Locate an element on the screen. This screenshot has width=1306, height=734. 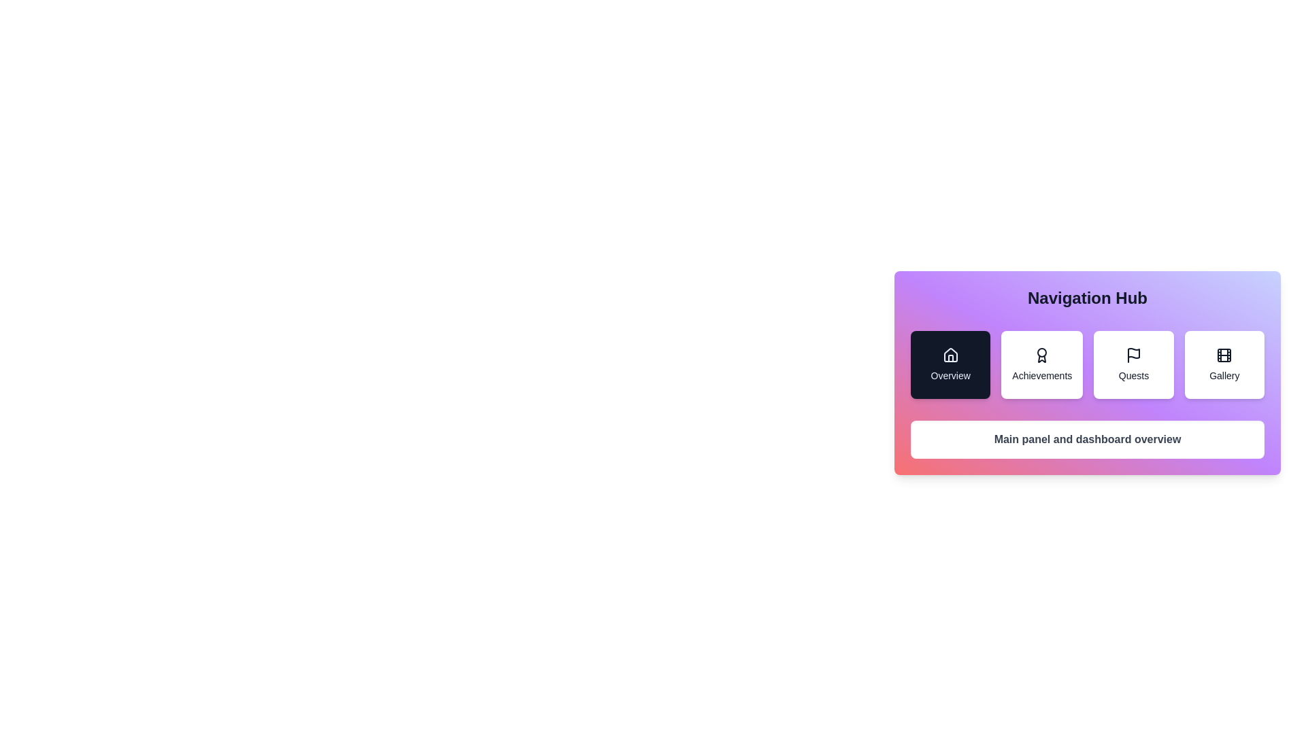
the internal vertical line representing the house's door within the Overview icon is located at coordinates (950, 357).